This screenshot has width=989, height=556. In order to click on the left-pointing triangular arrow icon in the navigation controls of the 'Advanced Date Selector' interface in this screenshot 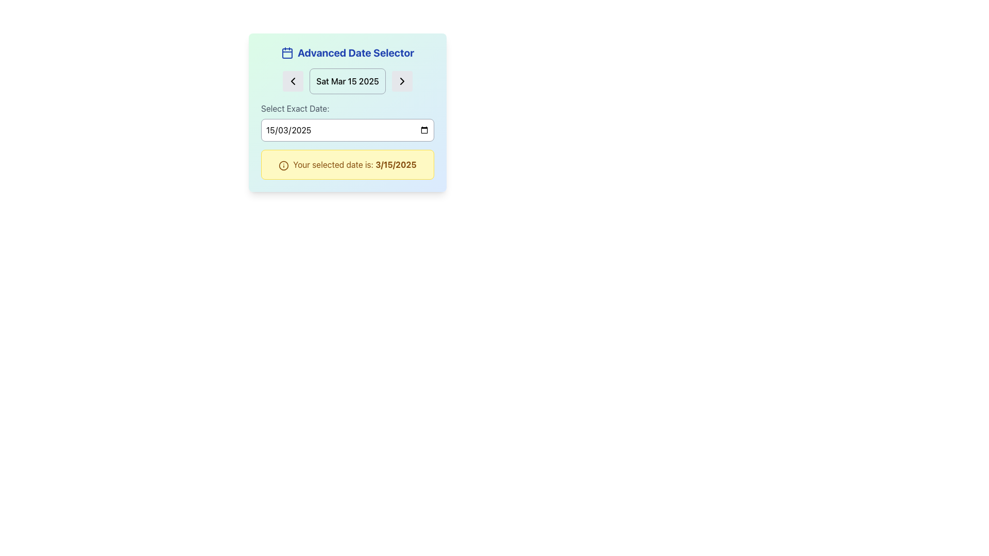, I will do `click(293, 81)`.